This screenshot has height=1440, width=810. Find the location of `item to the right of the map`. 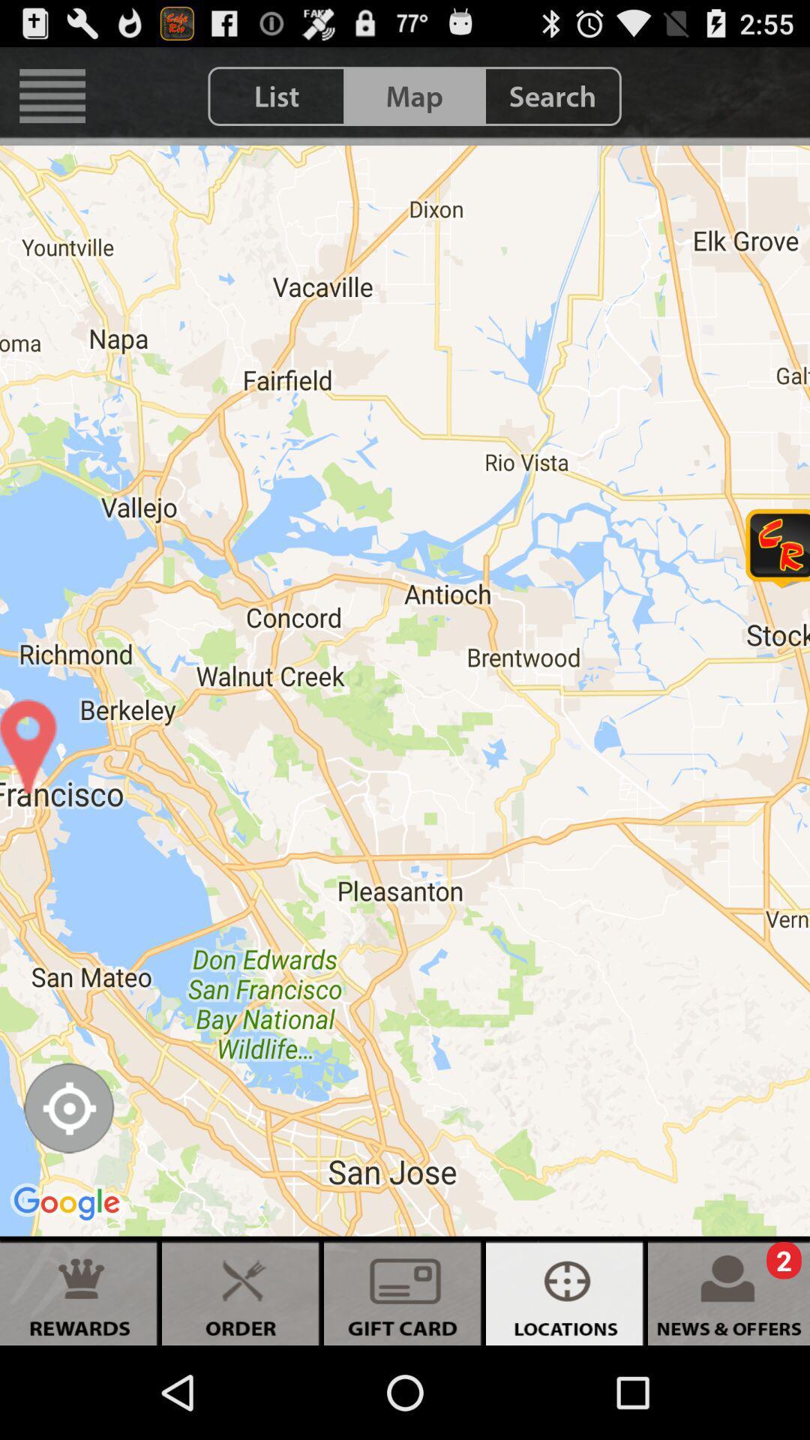

item to the right of the map is located at coordinates (552, 95).